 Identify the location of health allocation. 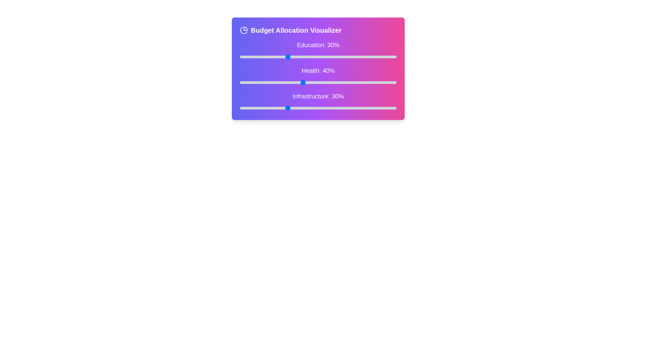
(280, 82).